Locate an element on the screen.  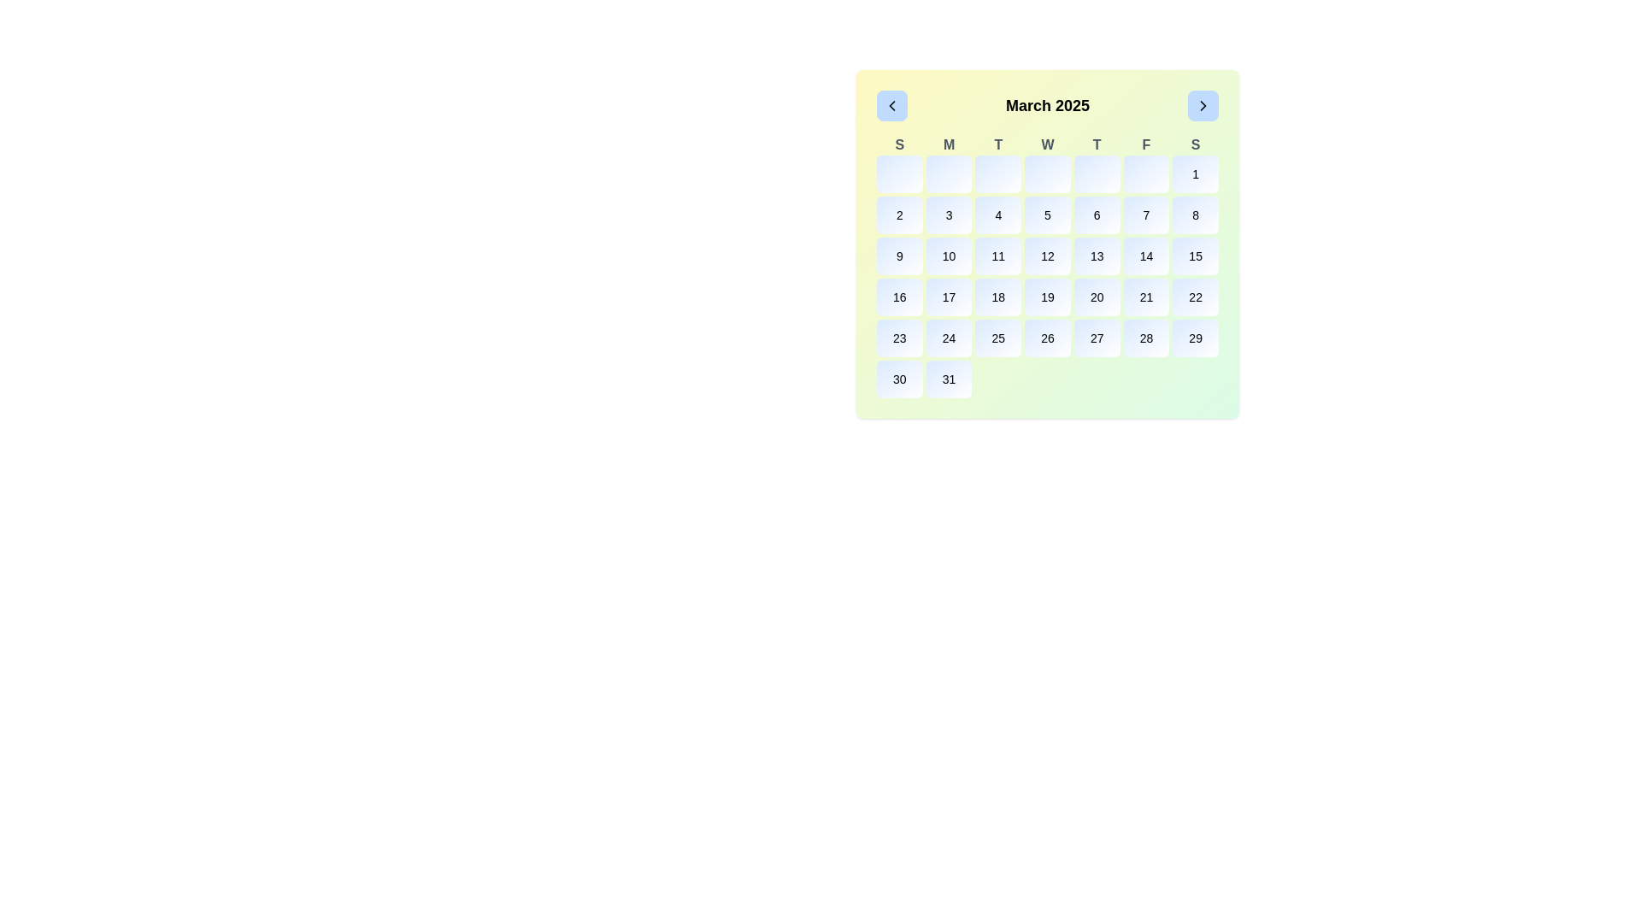
the button representing the 29th day of the calendar month is located at coordinates (1195, 338).